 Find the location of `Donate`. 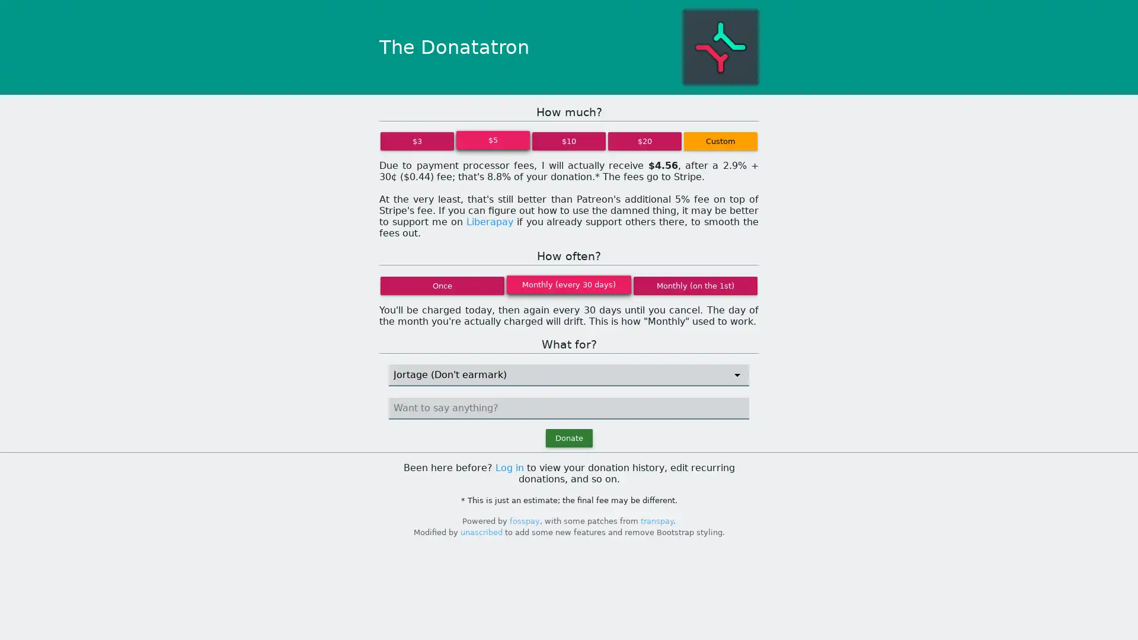

Donate is located at coordinates (568, 438).